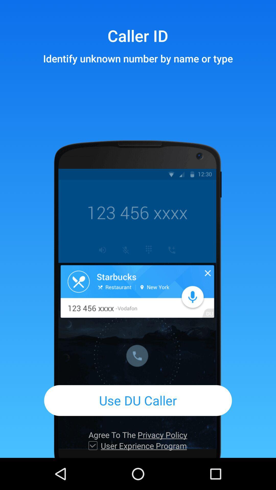 This screenshot has width=276, height=490. I want to click on the user exprience program, so click(144, 445).